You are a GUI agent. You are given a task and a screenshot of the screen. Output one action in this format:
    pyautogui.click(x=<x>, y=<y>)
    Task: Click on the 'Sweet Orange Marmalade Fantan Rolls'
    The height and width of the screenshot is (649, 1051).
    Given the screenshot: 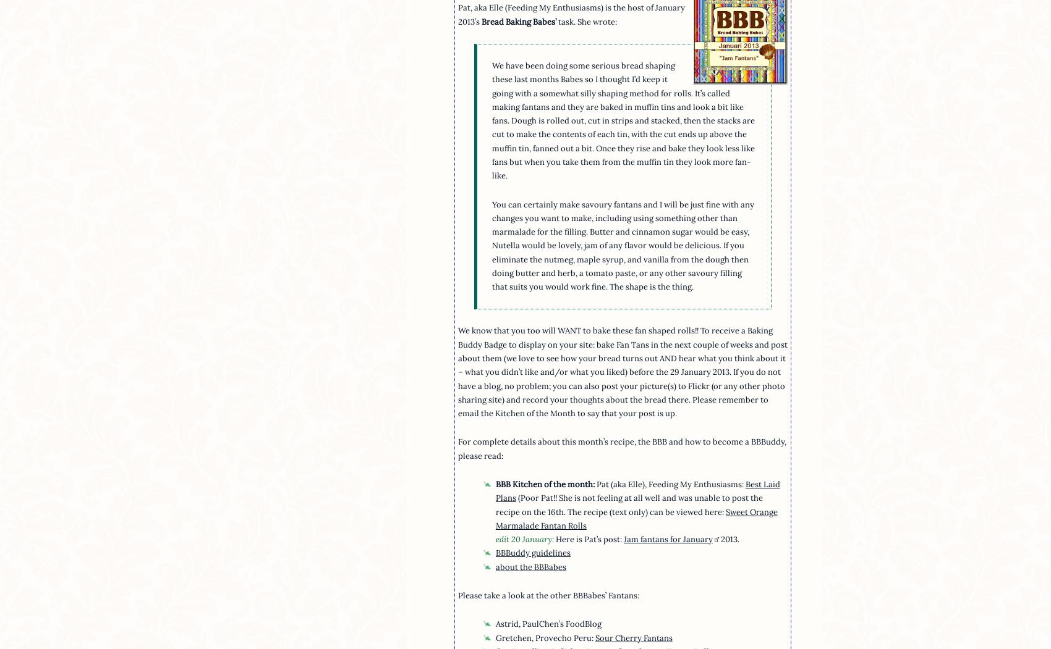 What is the action you would take?
    pyautogui.click(x=636, y=518)
    